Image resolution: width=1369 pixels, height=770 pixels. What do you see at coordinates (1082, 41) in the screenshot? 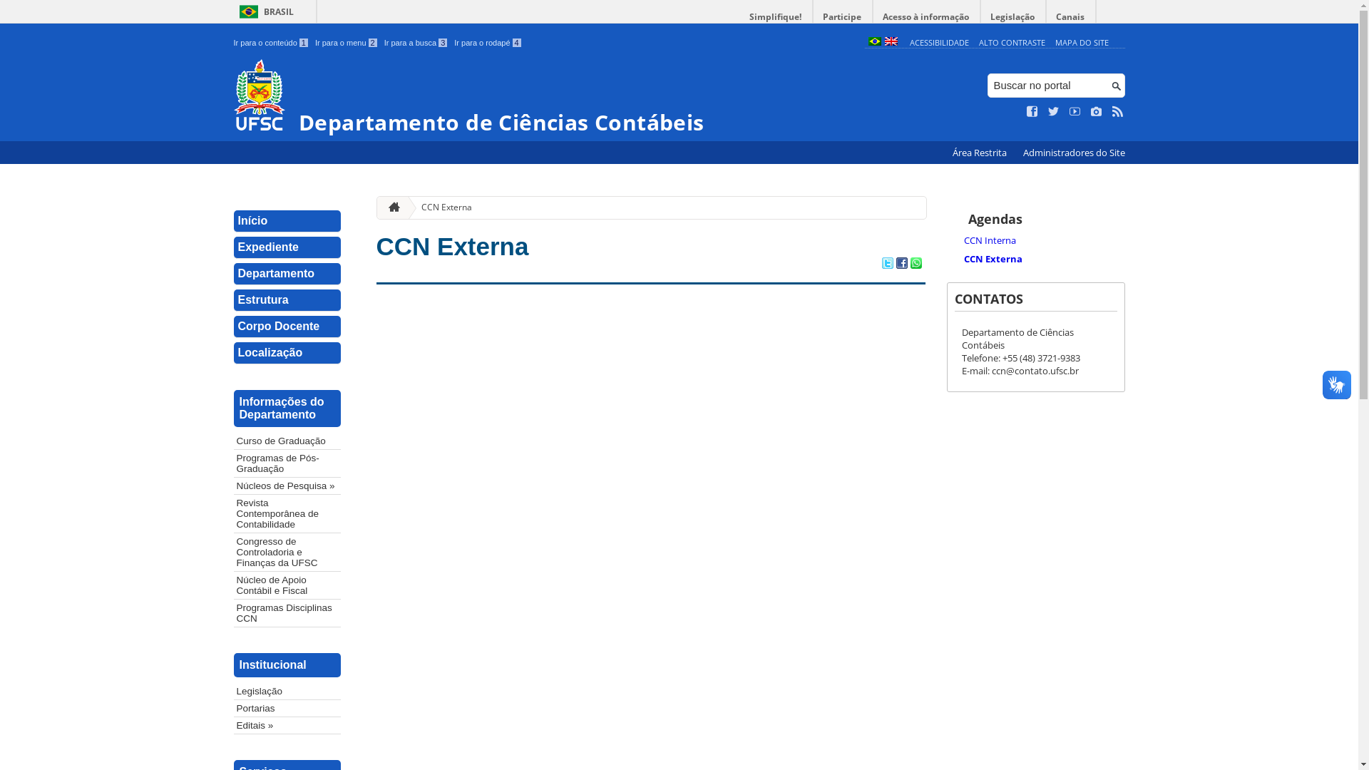
I see `'MAPA DO SITE'` at bounding box center [1082, 41].